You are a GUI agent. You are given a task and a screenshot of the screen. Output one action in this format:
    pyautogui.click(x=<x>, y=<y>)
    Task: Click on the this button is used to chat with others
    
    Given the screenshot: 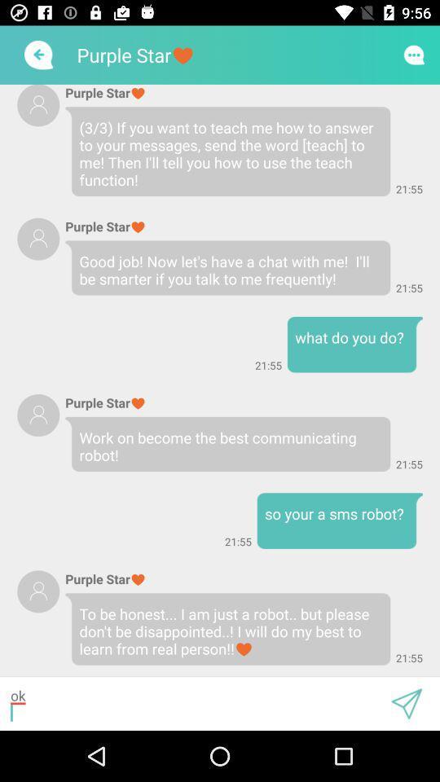 What is the action you would take?
    pyautogui.click(x=414, y=55)
    